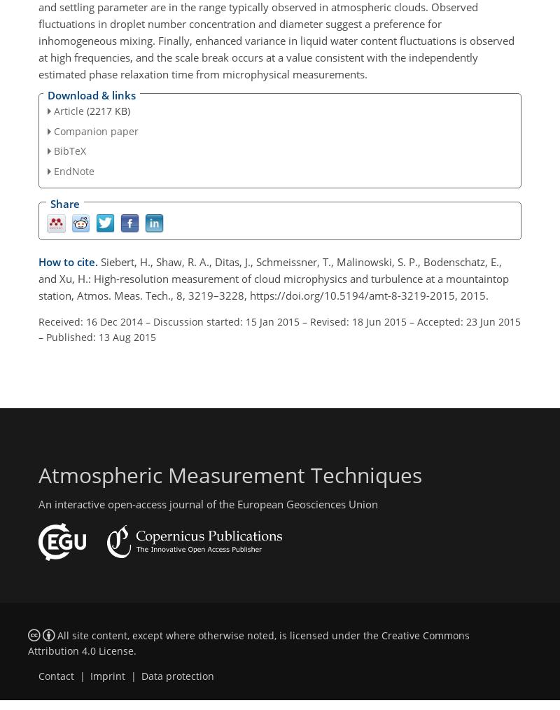 The height and width of the screenshot is (710, 560). Describe the element at coordinates (177, 676) in the screenshot. I see `'Data protection'` at that location.